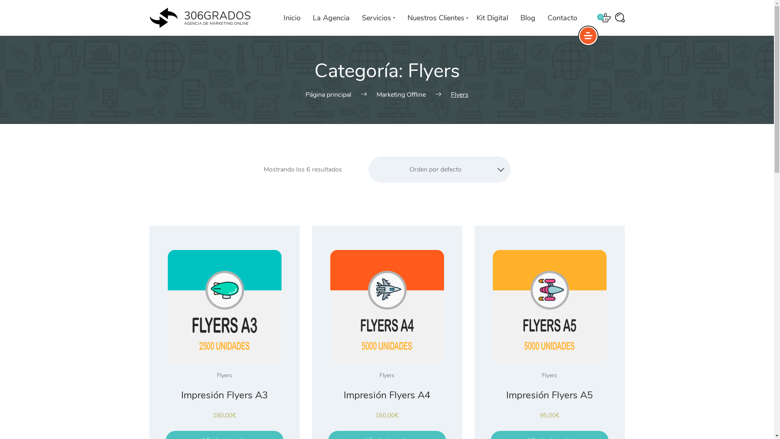 The image size is (780, 439). I want to click on 'Kit Digital', so click(491, 17).